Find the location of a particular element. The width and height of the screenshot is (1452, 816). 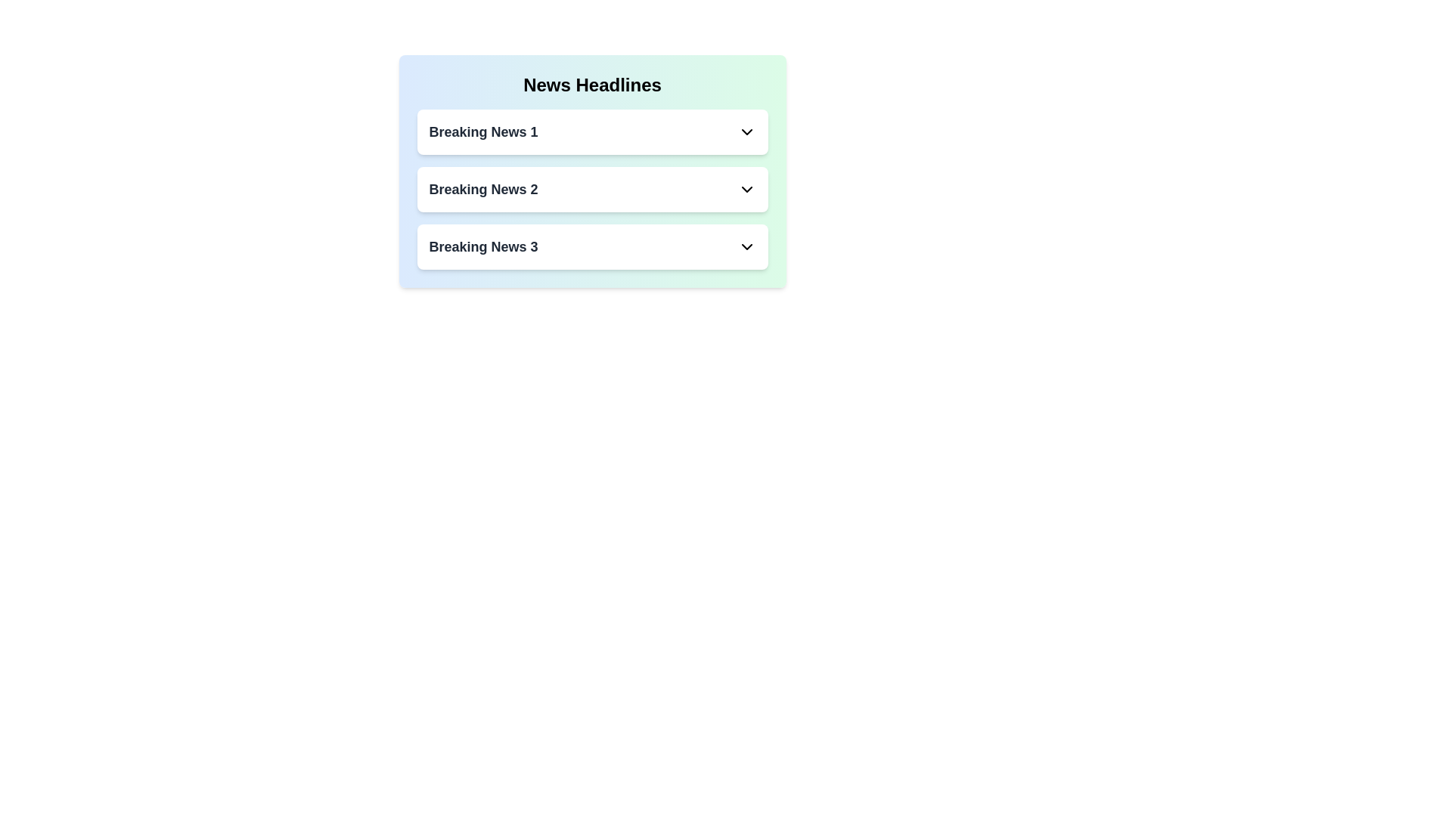

the dropdown icon for Breaking News 2 to toggle its view is located at coordinates (746, 188).